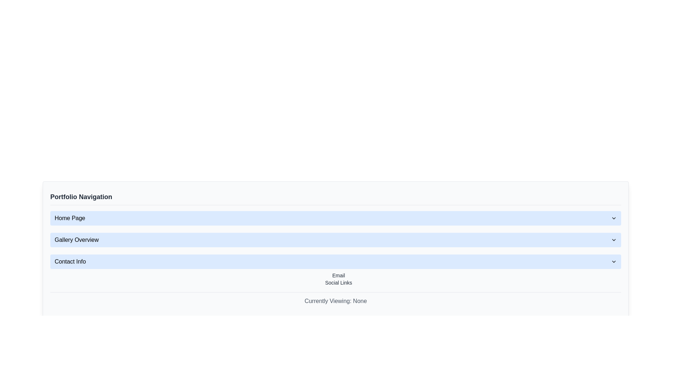 The width and height of the screenshot is (695, 391). I want to click on the 'Email' hyperlink, so click(338, 275).